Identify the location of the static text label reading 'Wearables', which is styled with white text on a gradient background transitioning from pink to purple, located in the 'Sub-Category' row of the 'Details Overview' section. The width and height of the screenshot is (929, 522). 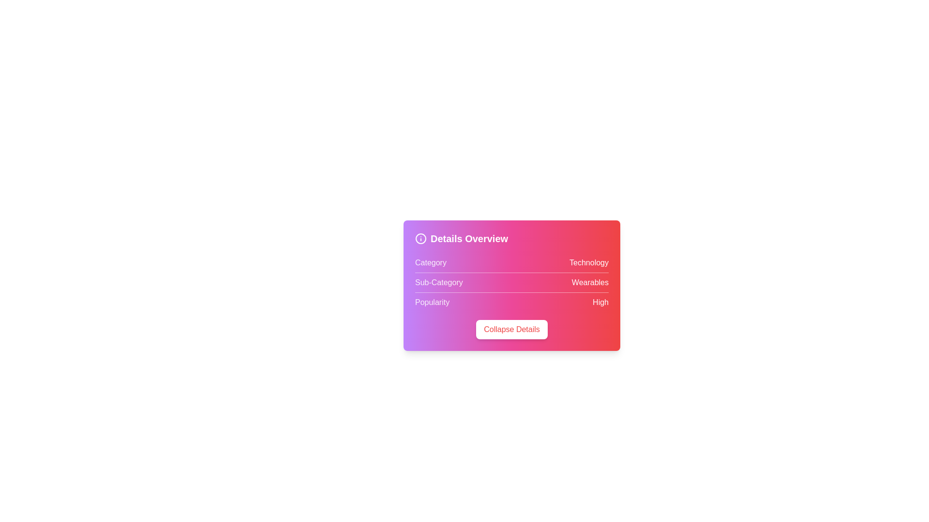
(589, 283).